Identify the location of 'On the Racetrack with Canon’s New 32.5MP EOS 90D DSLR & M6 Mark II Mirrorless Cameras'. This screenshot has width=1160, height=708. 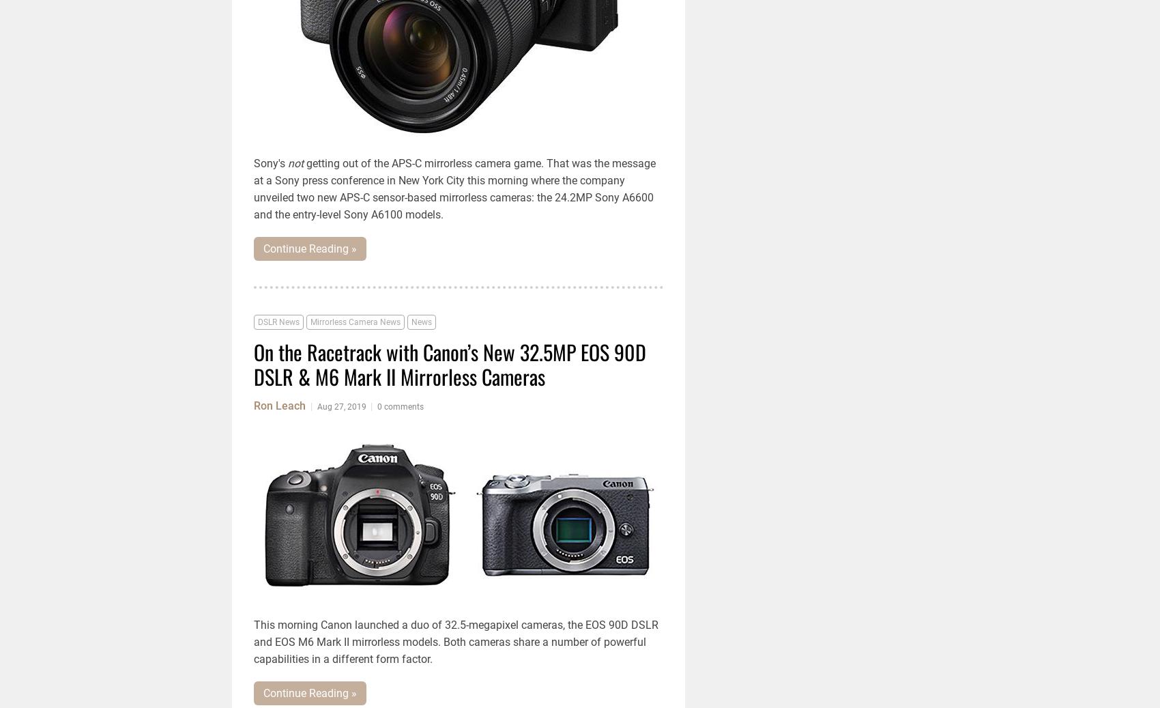
(450, 364).